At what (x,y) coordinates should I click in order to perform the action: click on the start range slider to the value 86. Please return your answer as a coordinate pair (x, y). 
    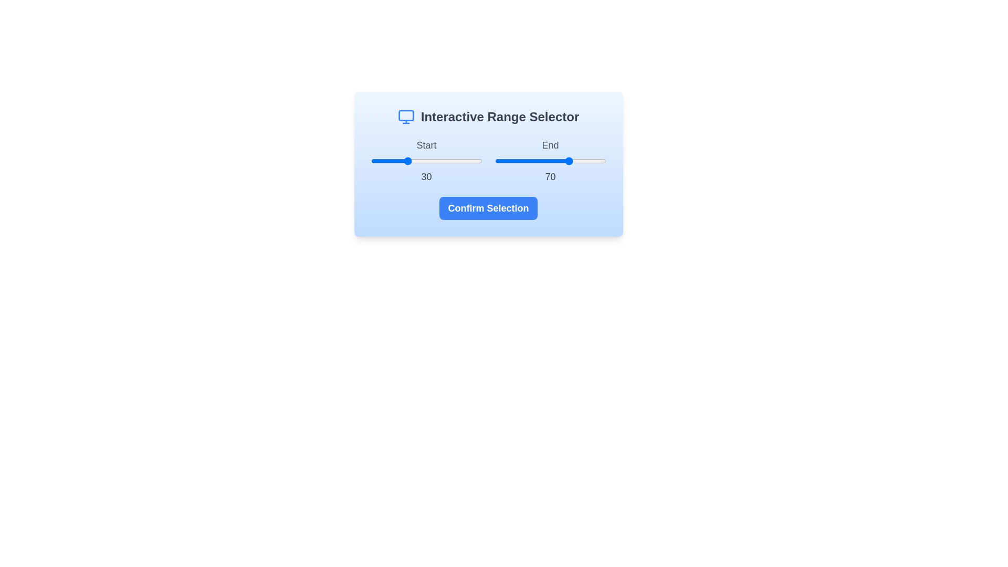
    Looking at the image, I should click on (466, 161).